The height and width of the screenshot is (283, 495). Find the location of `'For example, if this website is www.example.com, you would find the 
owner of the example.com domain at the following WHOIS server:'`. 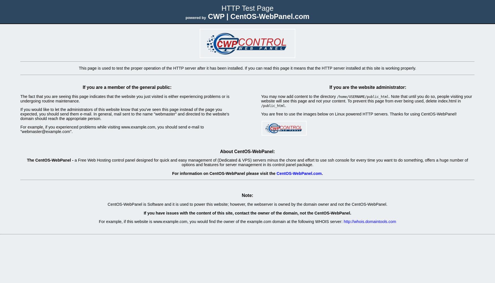

'For example, if this website is www.example.com, you would find the 
owner of the example.com domain at the following WHOIS server:' is located at coordinates (221, 221).